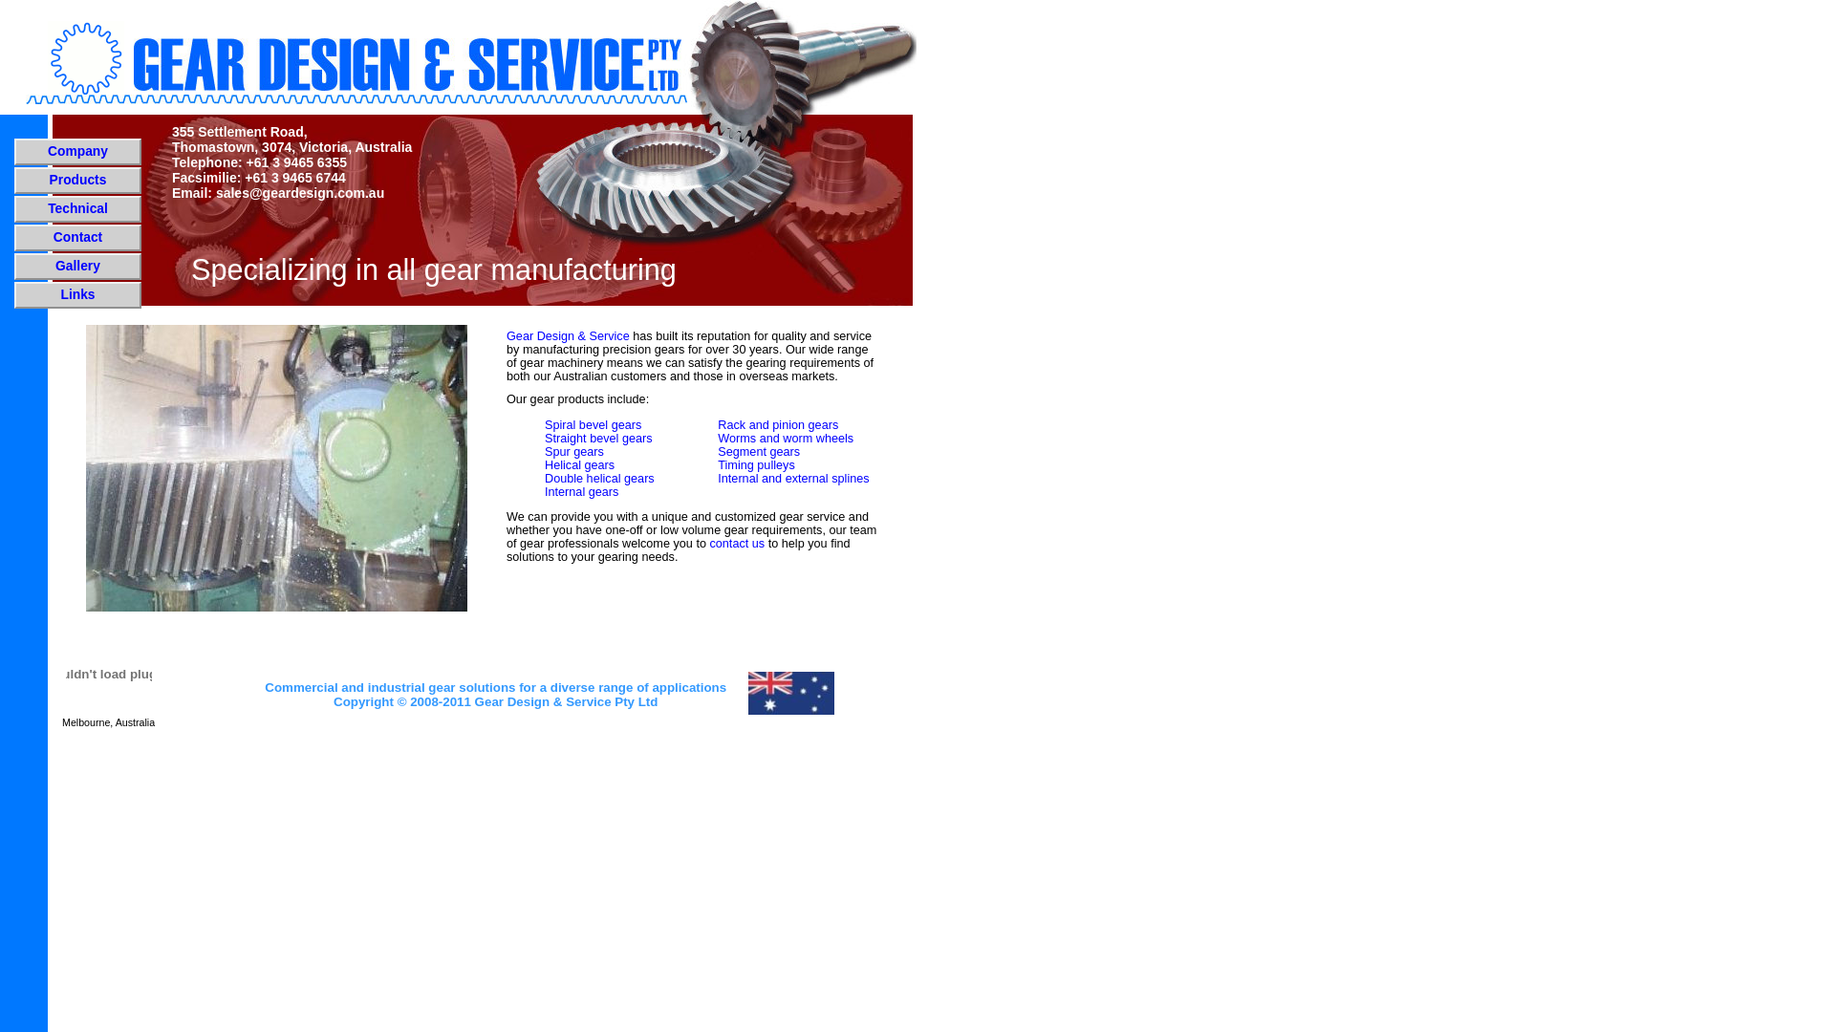  I want to click on 'Internal gears', so click(580, 491).